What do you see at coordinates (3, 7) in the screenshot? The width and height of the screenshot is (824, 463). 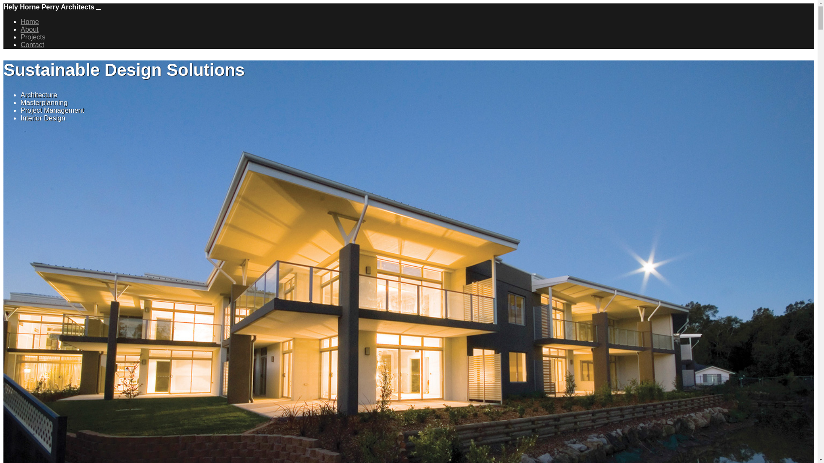 I see `'Hely Horne Perry Architects'` at bounding box center [3, 7].